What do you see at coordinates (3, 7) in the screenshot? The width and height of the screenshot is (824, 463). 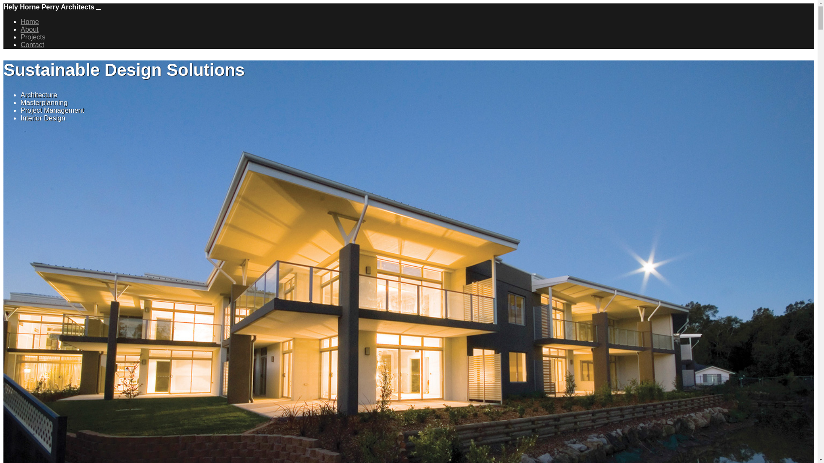 I see `'Hely Horne Perry Architects'` at bounding box center [3, 7].